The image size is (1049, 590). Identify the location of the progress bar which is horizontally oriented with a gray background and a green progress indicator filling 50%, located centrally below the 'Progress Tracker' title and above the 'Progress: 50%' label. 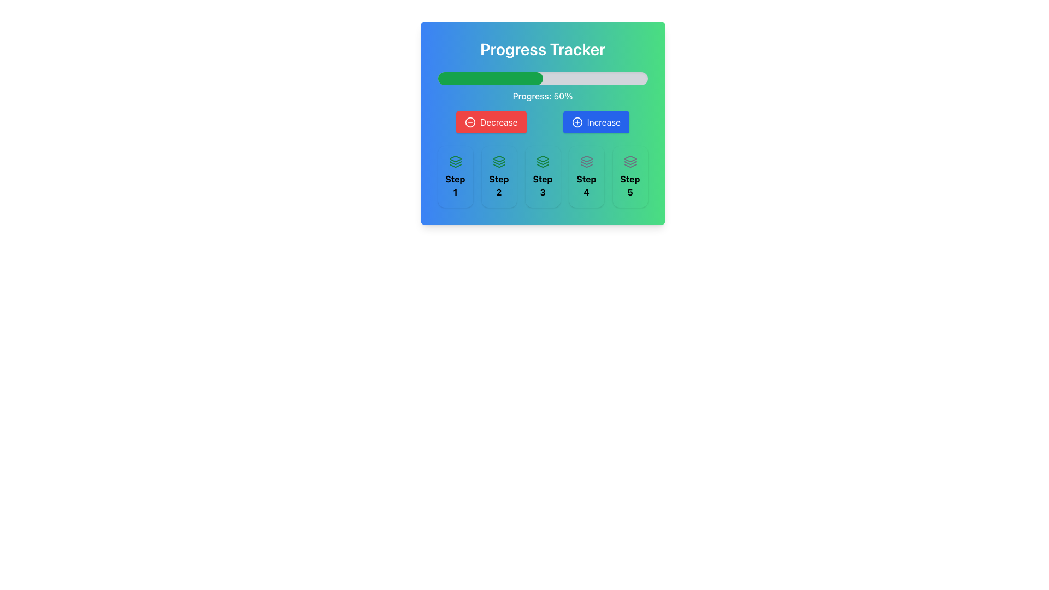
(543, 78).